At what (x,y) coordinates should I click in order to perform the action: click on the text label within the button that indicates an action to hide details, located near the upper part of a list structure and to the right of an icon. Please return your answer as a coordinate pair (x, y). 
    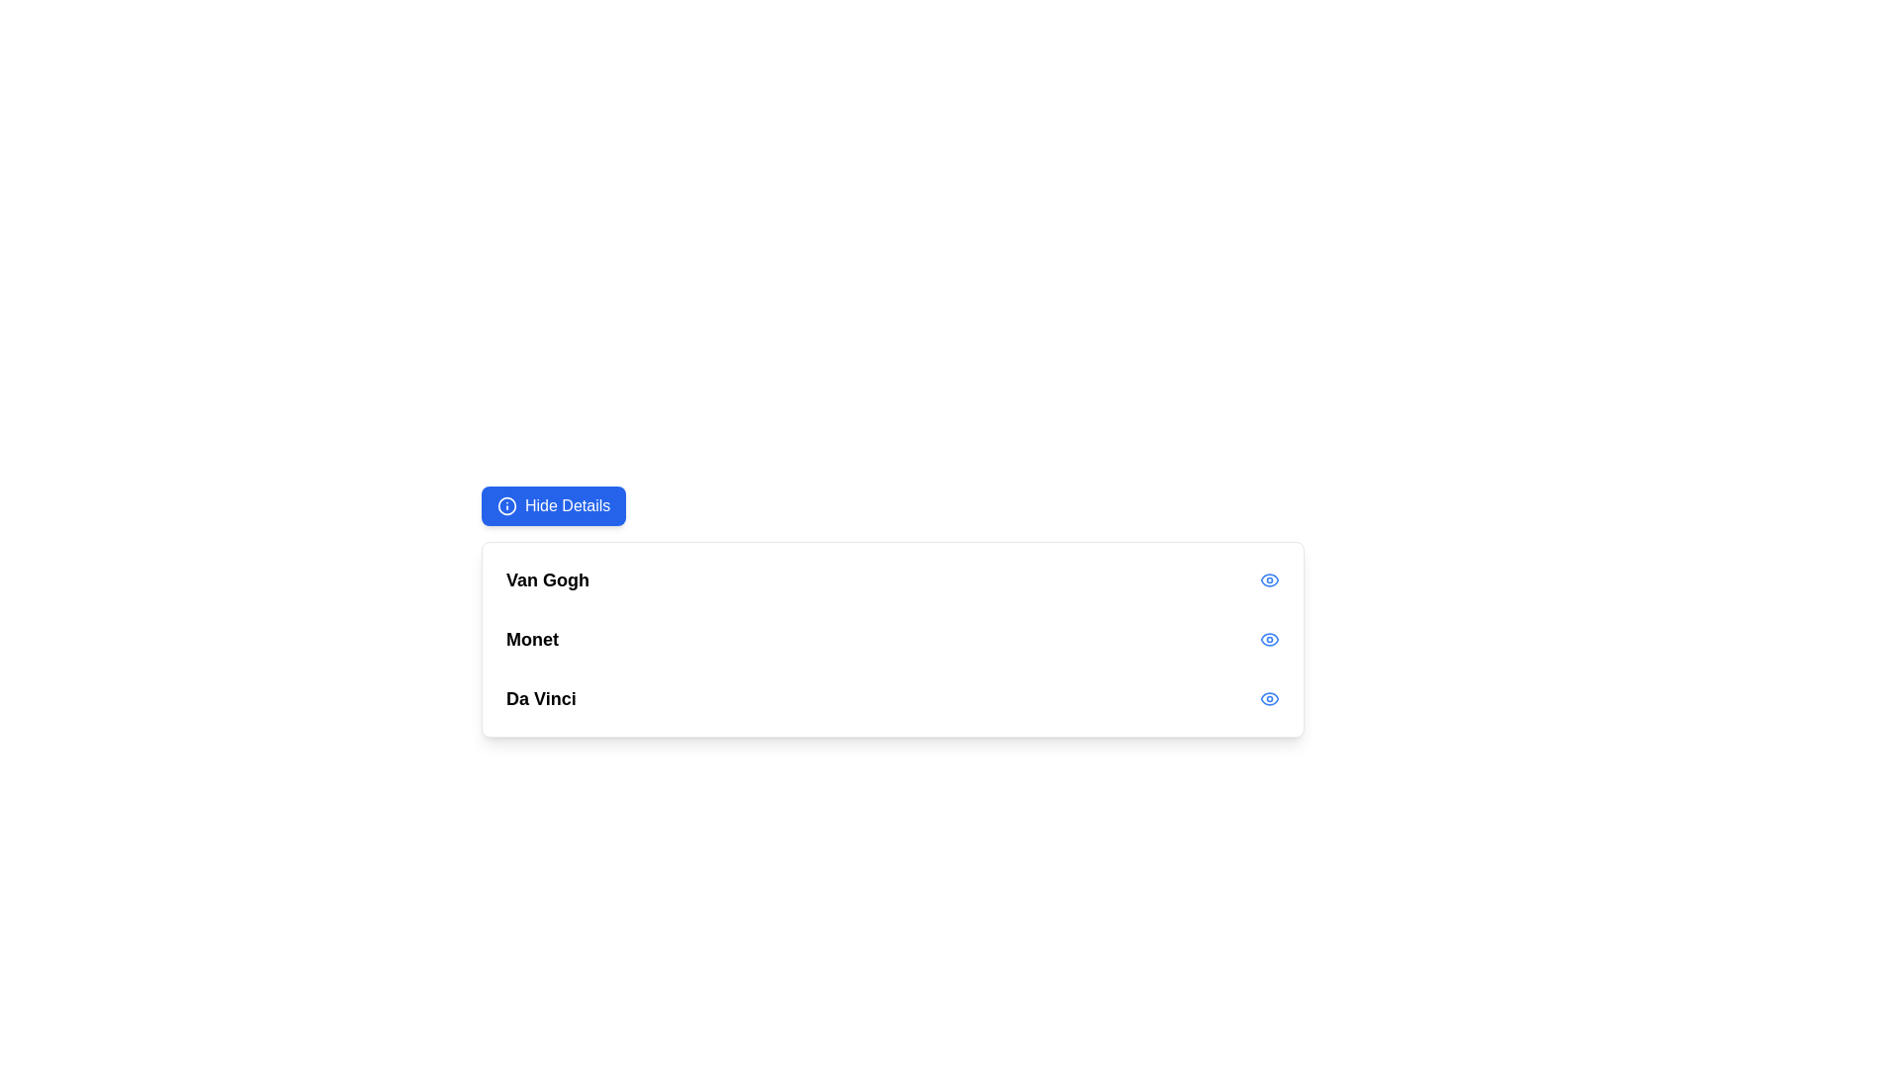
    Looking at the image, I should click on (567, 505).